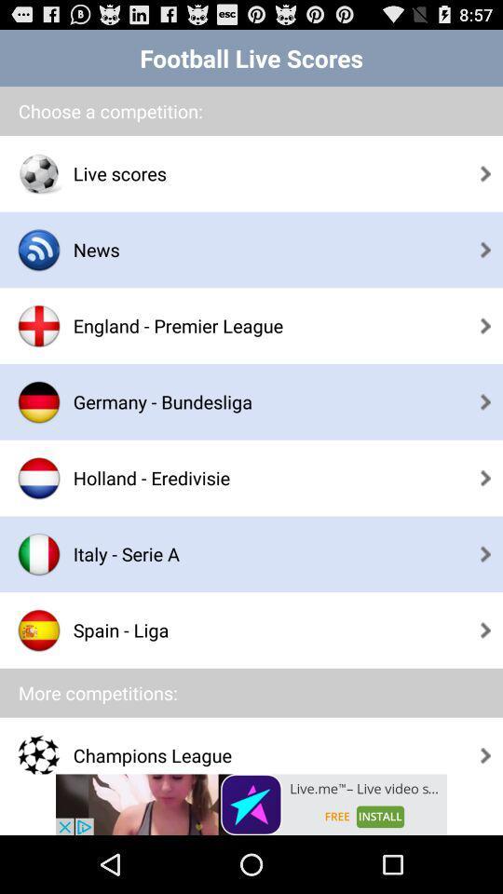 The width and height of the screenshot is (503, 894). Describe the element at coordinates (485, 326) in the screenshot. I see `the third arrow from the top` at that location.